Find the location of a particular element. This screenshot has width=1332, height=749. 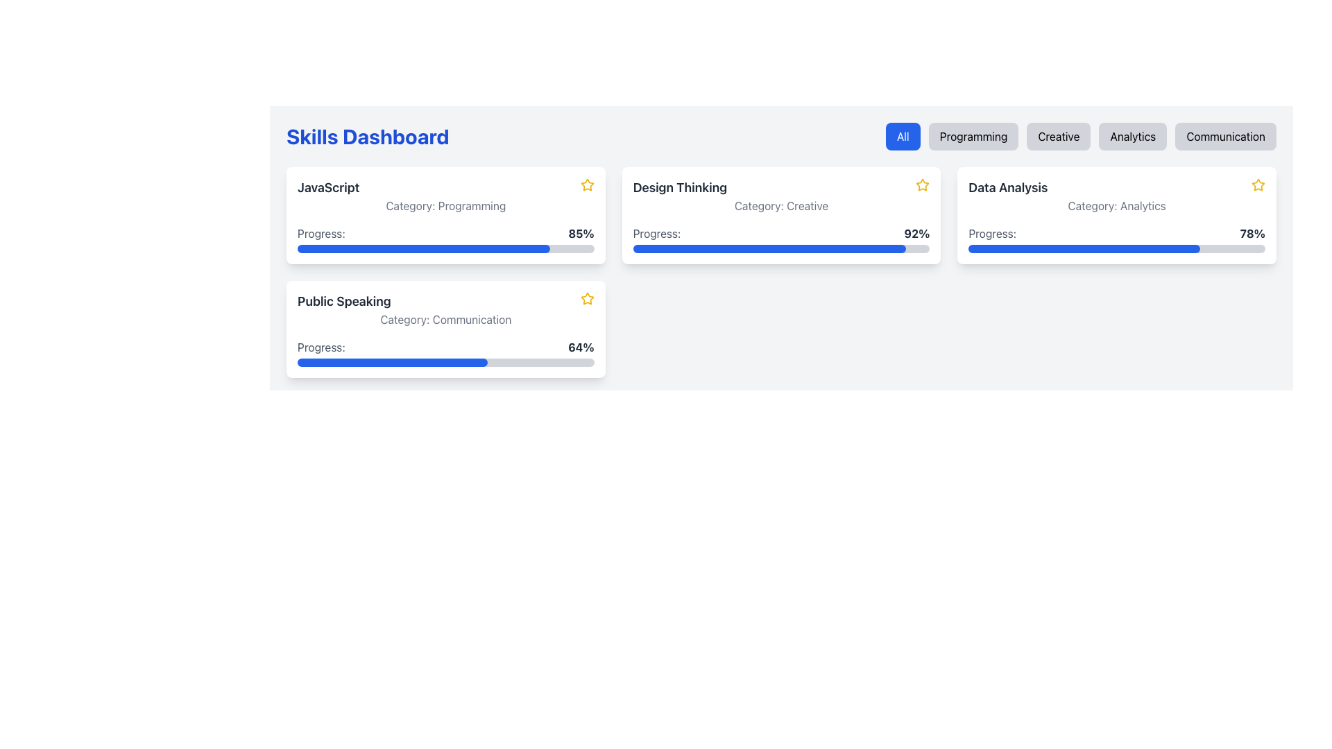

the progress bar displaying 85% completion for the JavaScript skill in the Skills Dashboard is located at coordinates (445, 248).